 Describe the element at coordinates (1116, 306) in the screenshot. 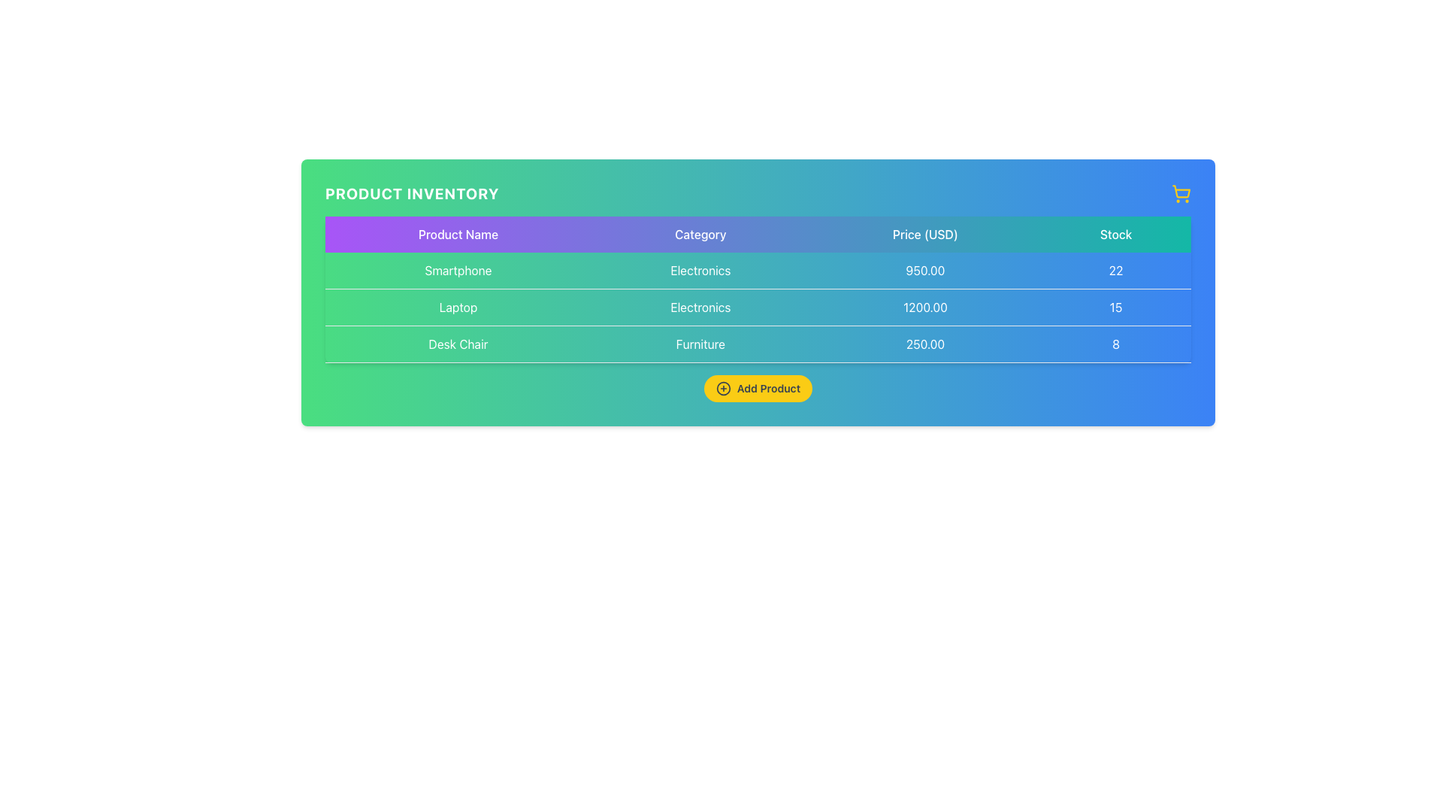

I see `the table cell displaying the number '15' in white text, which is centered in a blue background, located in the 'Stock' column of the inventory table for 'Laptop'` at that location.